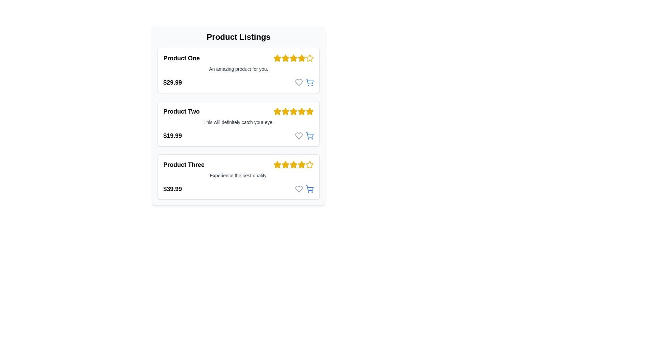 The width and height of the screenshot is (648, 364). Describe the element at coordinates (238, 135) in the screenshot. I see `price displayed in bold black typography located at the bottom-left section of the second product listing card titled 'Product Two'` at that location.